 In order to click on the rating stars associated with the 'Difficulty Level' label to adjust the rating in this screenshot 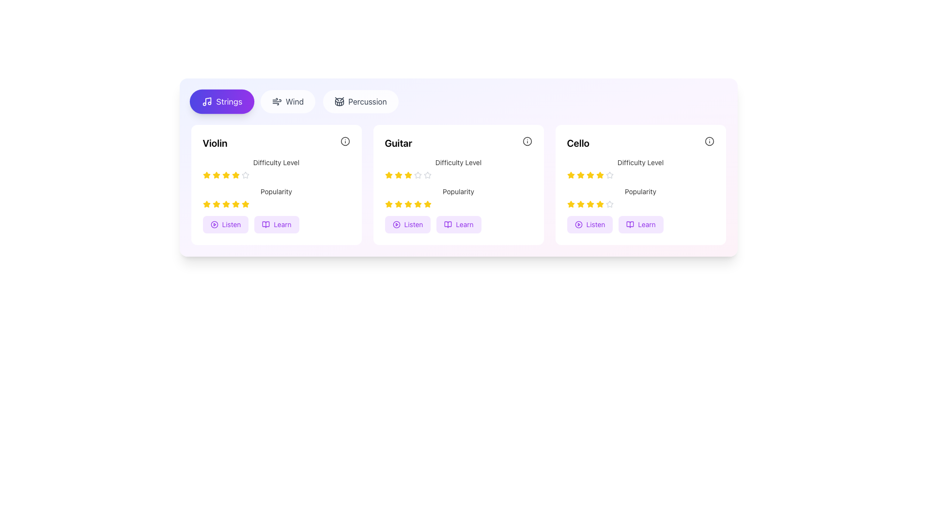, I will do `click(276, 168)`.